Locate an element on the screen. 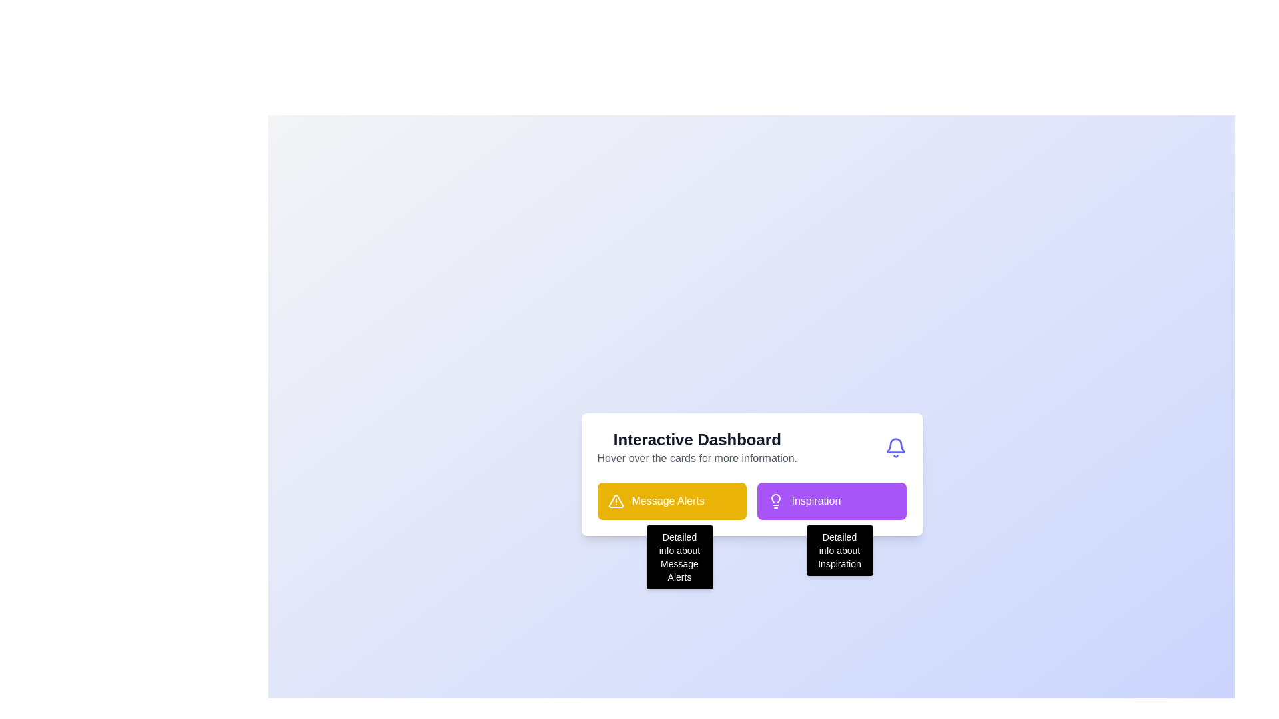  the grey-colored static text label reading 'Hover over the cards for more information.' which is located directly beneath the 'Interactive Dashboard' heading is located at coordinates (696, 458).